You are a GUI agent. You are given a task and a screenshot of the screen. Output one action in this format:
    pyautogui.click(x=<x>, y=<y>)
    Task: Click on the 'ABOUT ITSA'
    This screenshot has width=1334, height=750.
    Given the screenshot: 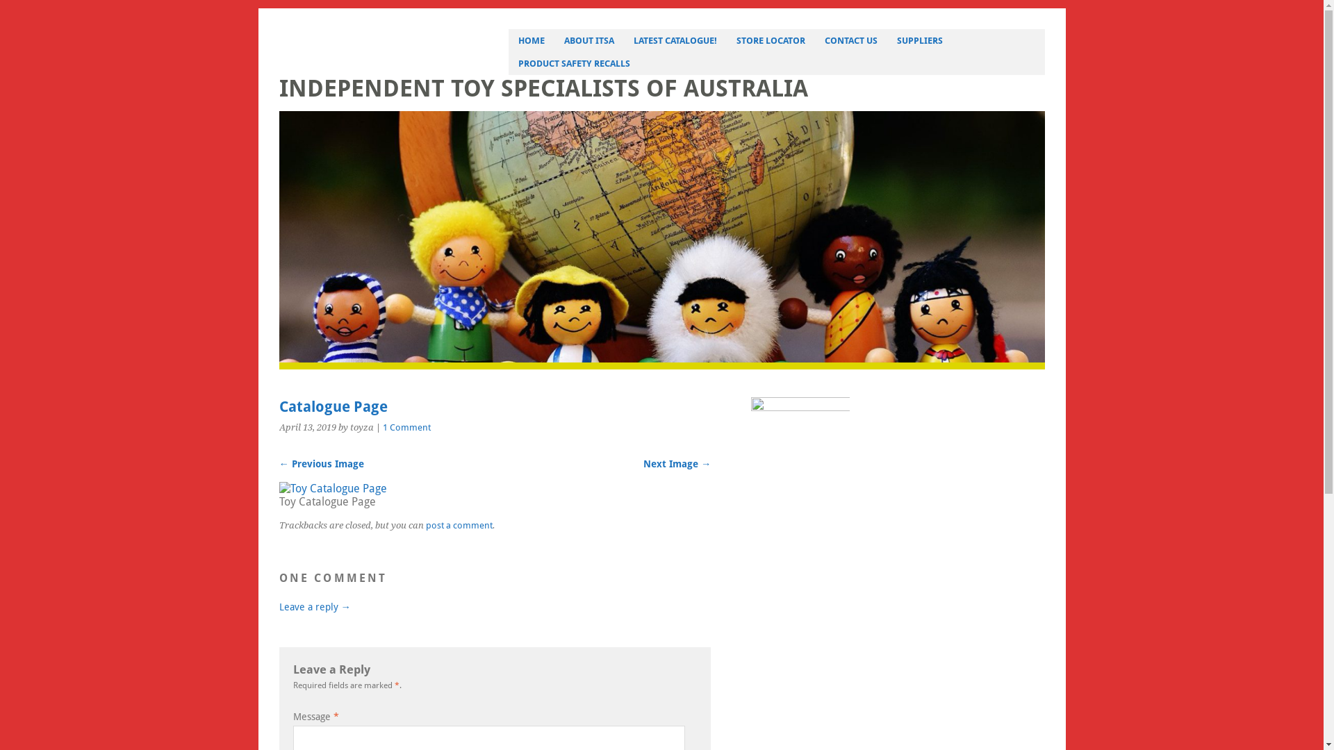 What is the action you would take?
    pyautogui.click(x=589, y=40)
    